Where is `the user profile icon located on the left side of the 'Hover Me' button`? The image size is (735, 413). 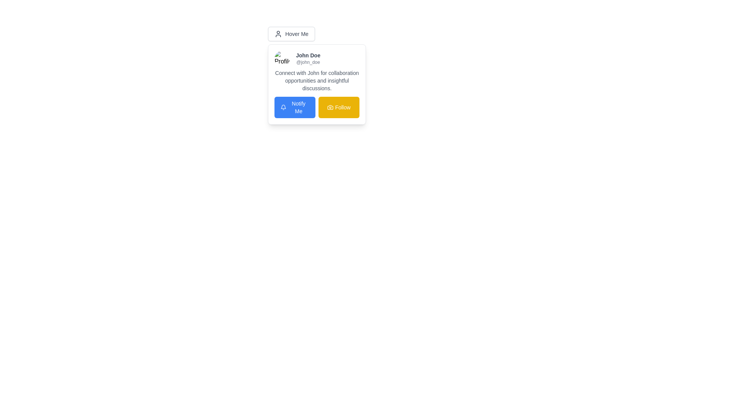
the user profile icon located on the left side of the 'Hover Me' button is located at coordinates (278, 33).